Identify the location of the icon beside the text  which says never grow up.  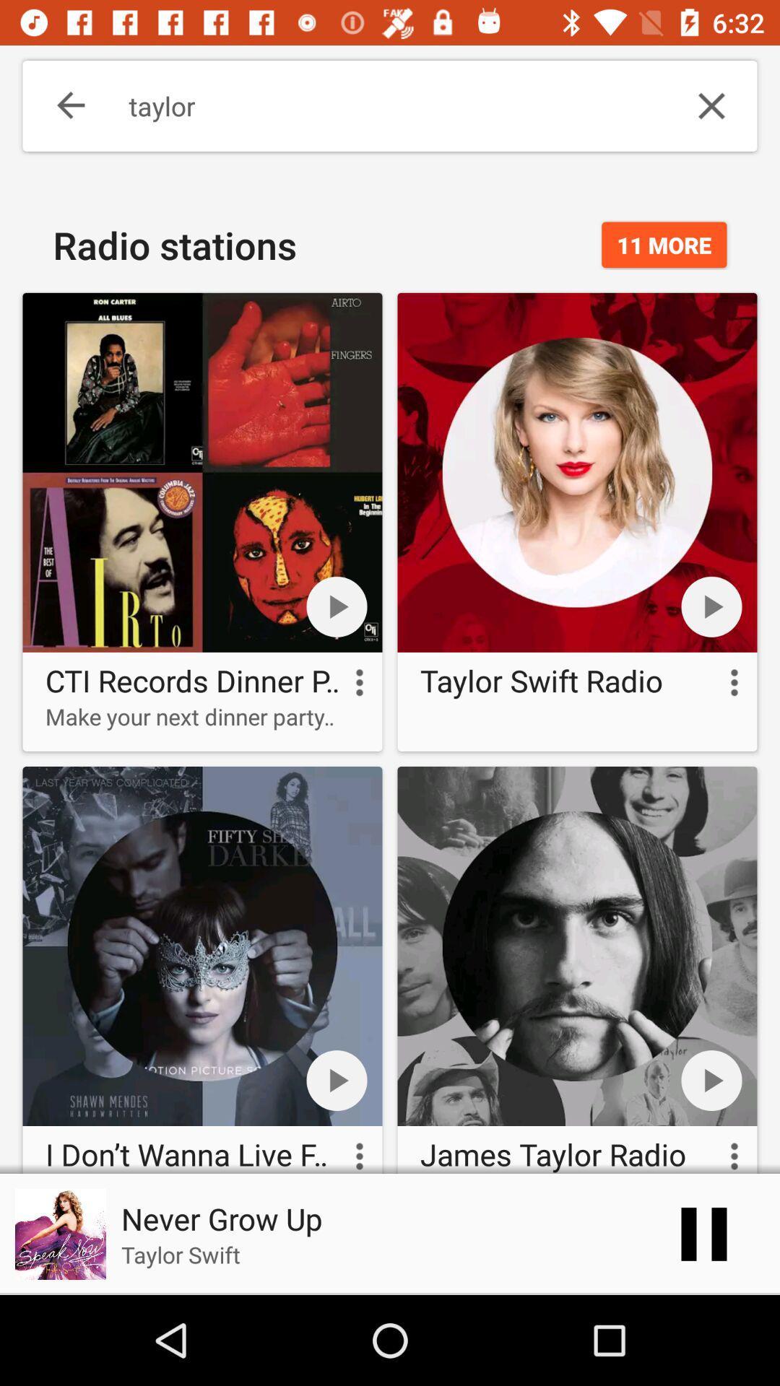
(60, 1233).